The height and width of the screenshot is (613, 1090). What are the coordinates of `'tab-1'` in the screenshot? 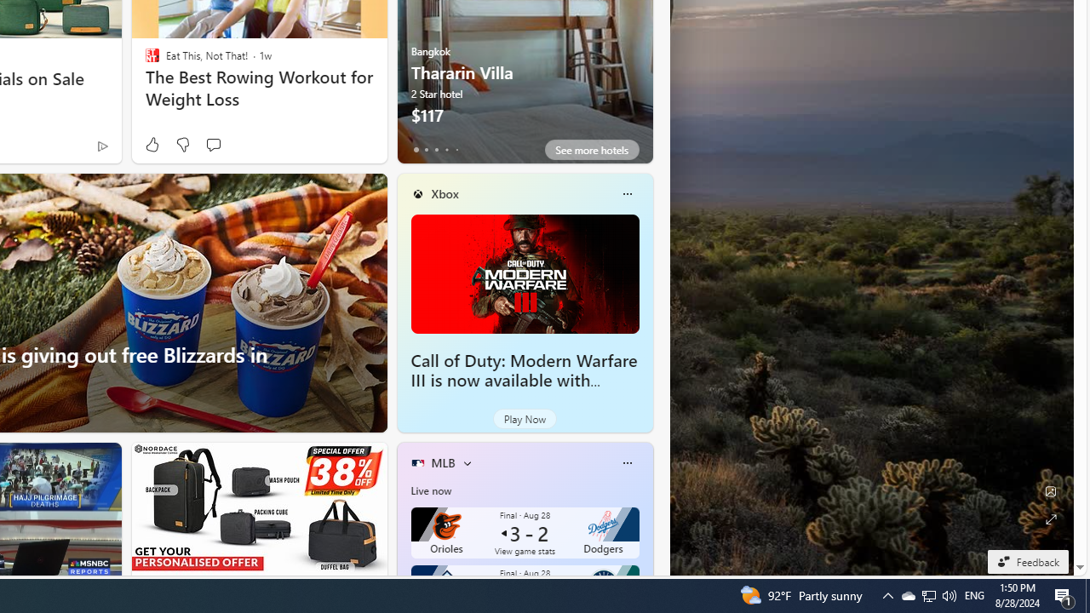 It's located at (426, 149).